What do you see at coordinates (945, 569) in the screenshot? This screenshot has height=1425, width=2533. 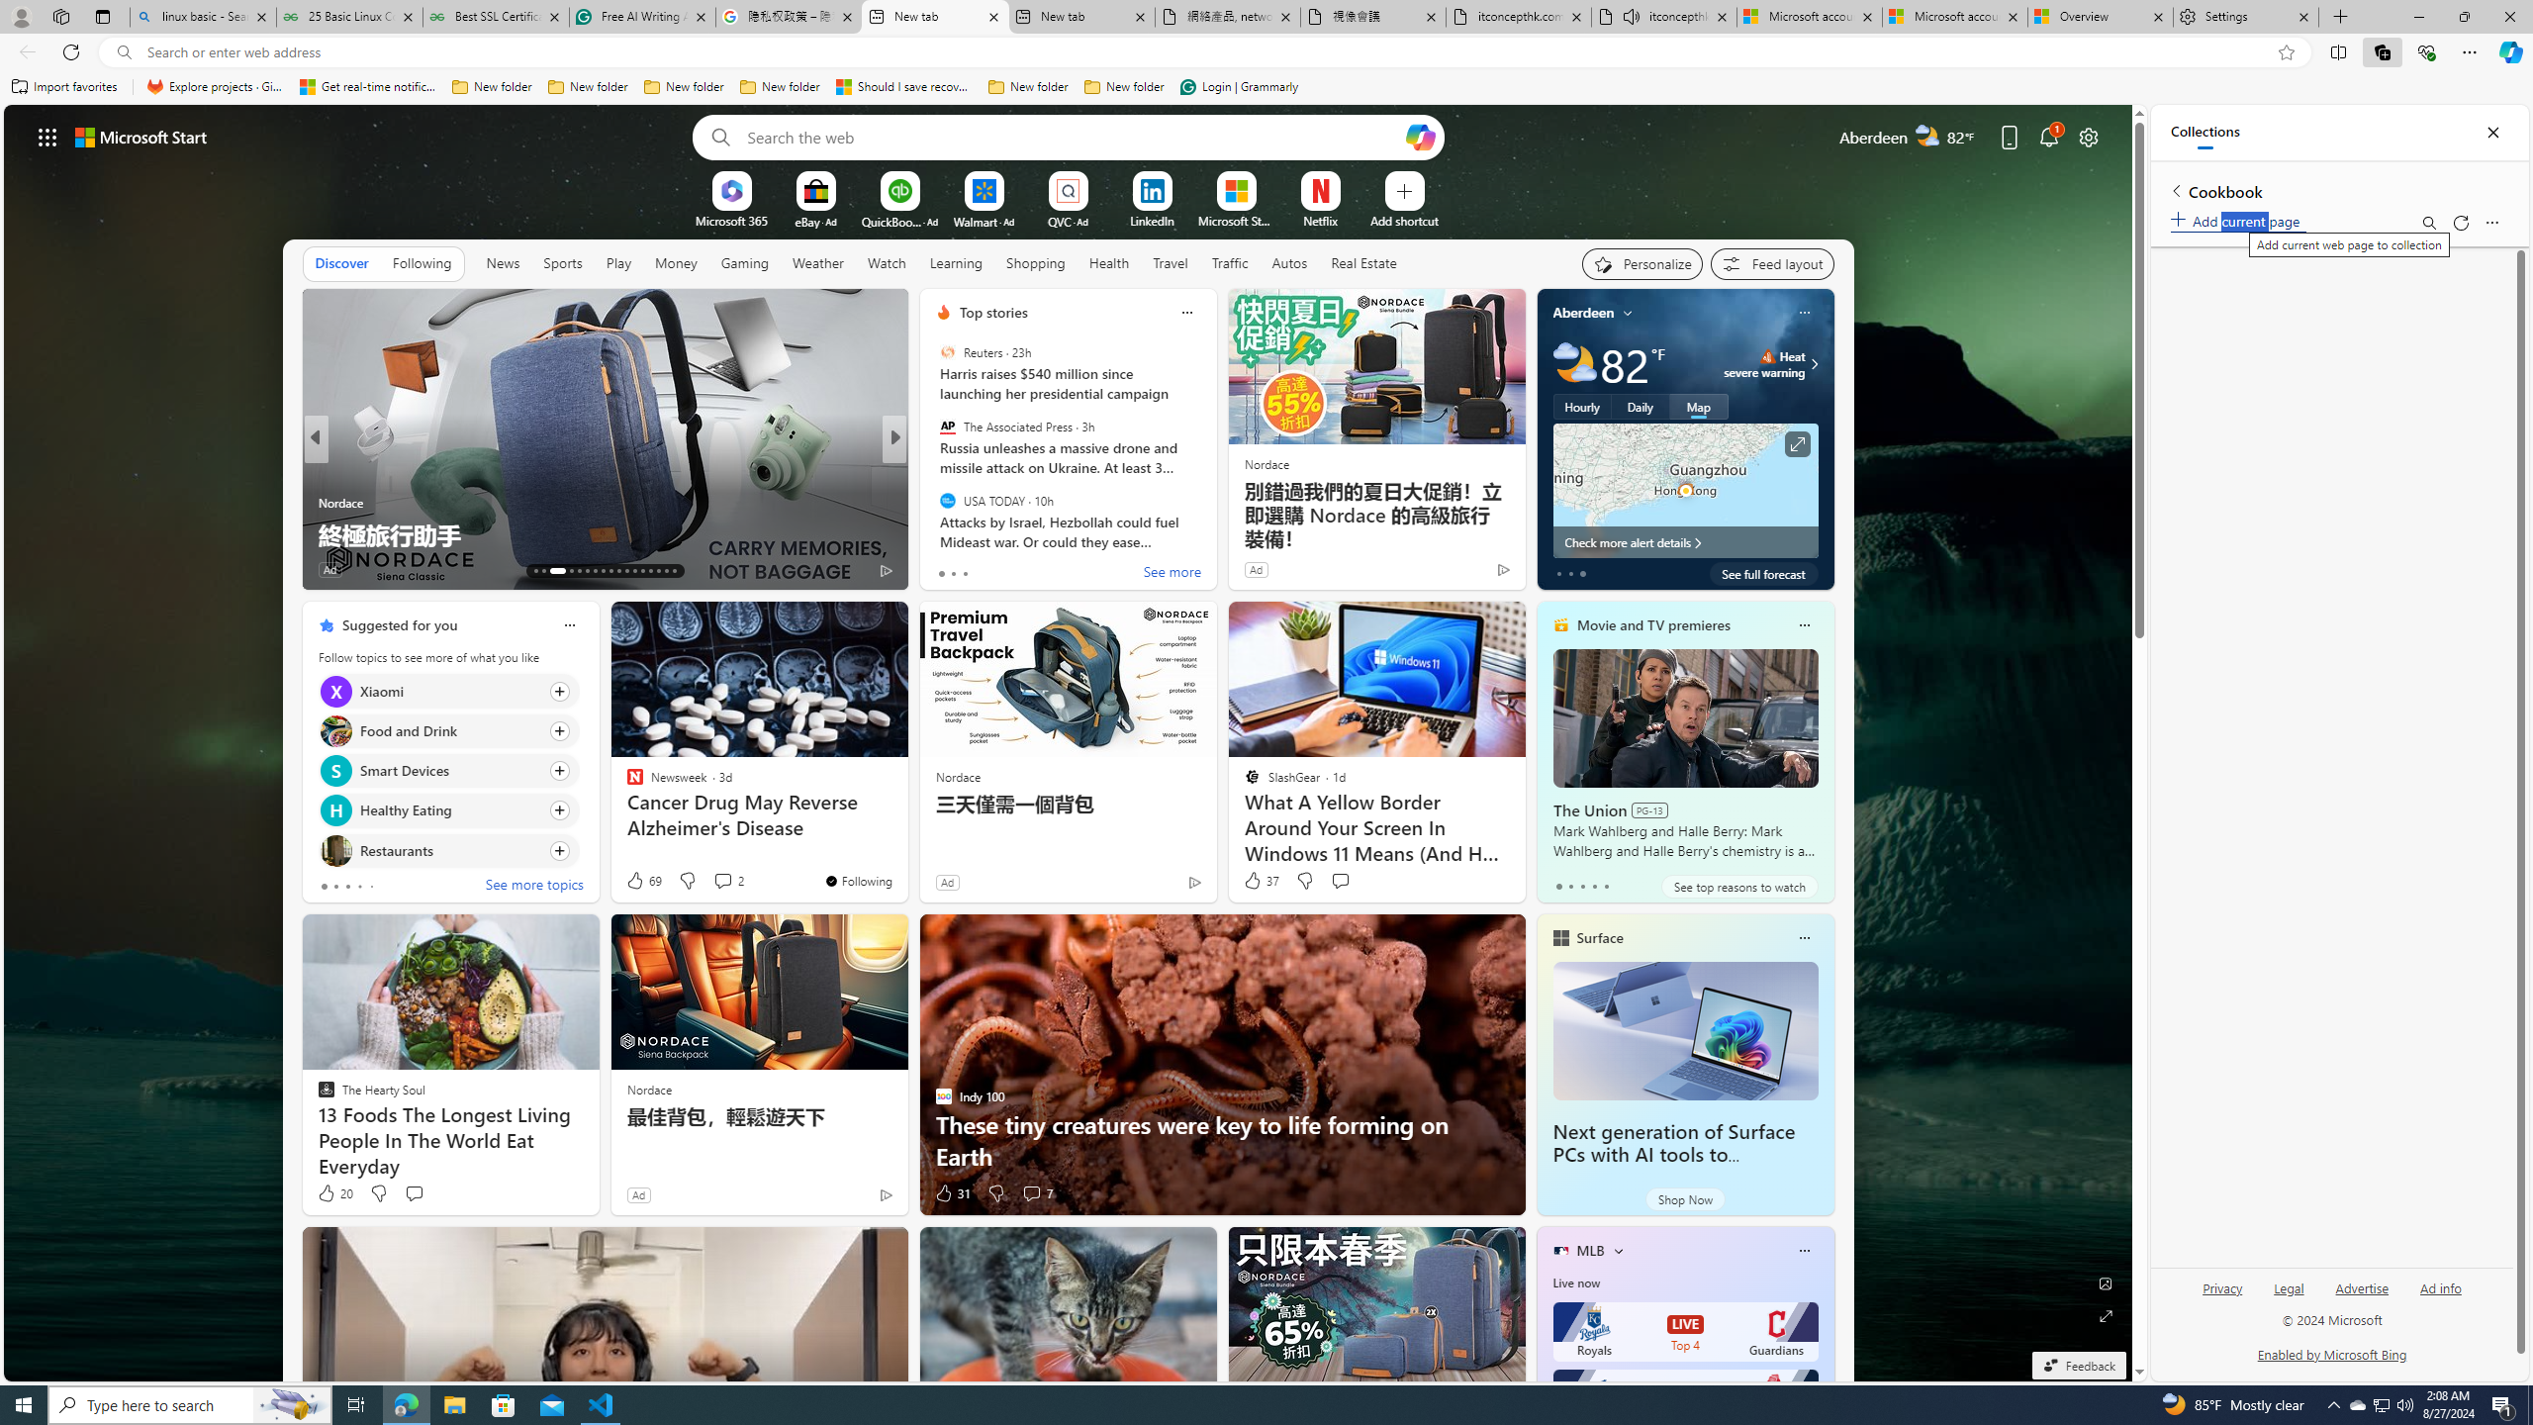 I see `'71 Like'` at bounding box center [945, 569].